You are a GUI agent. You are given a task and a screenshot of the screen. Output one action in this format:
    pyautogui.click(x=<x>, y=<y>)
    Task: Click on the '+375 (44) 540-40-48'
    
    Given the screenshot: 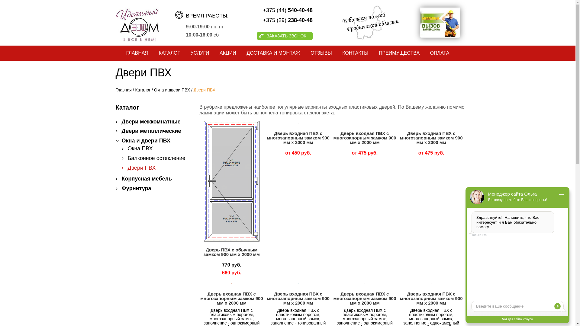 What is the action you would take?
    pyautogui.click(x=272, y=10)
    